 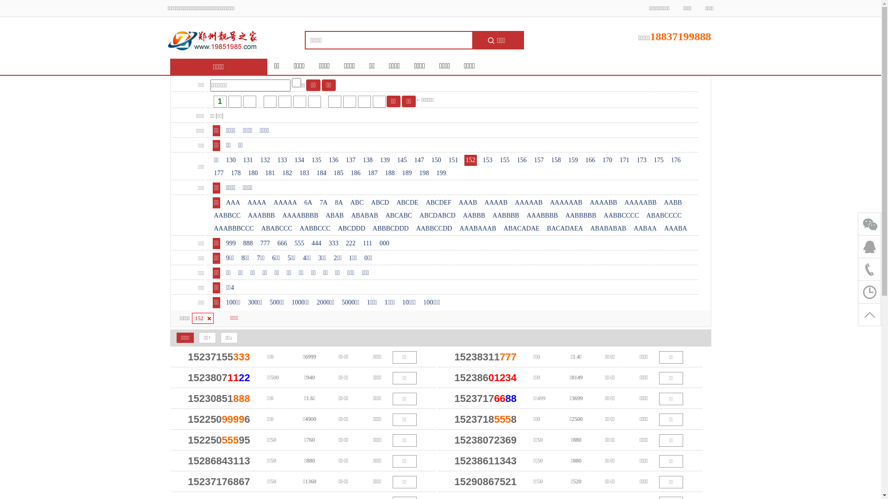 I want to click on 'ABABCCC', so click(x=276, y=228).